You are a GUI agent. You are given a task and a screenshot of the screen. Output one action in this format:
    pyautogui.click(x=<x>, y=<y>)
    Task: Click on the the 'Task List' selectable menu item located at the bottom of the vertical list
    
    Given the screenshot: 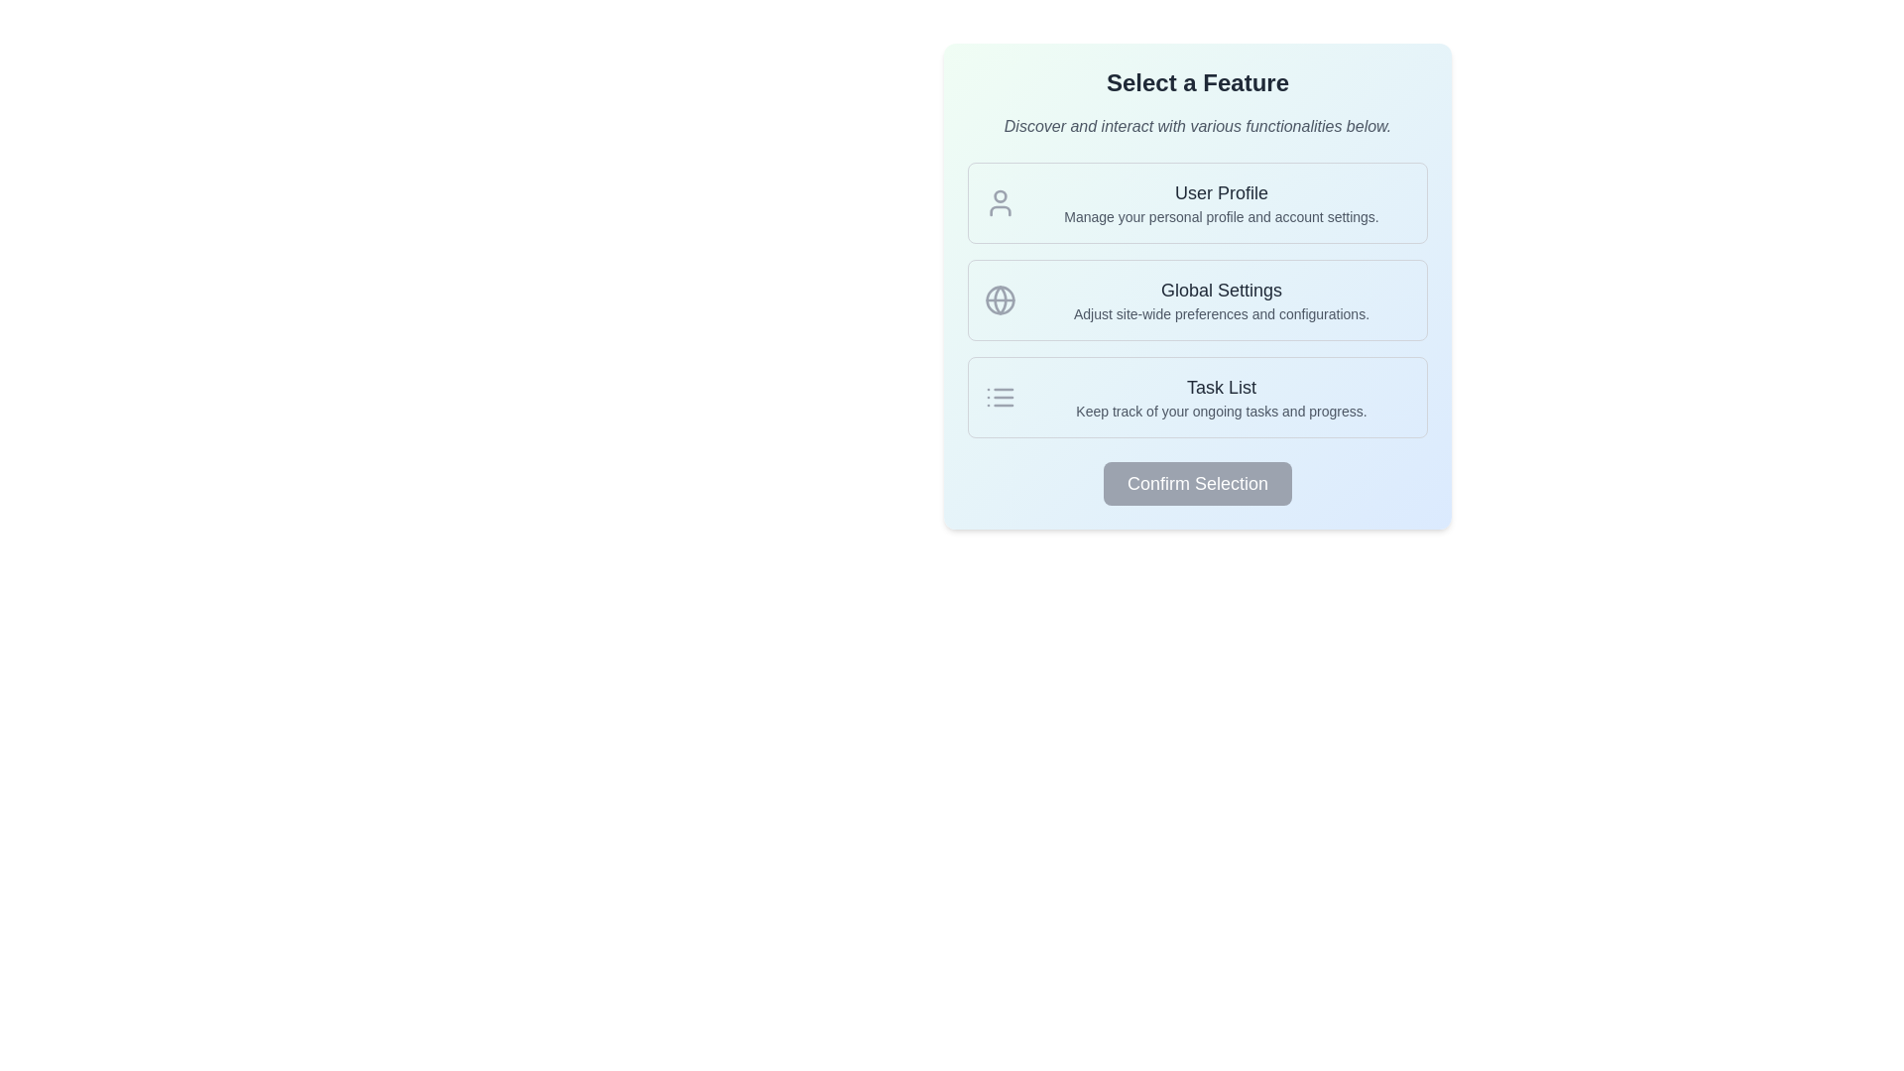 What is the action you would take?
    pyautogui.click(x=1197, y=398)
    